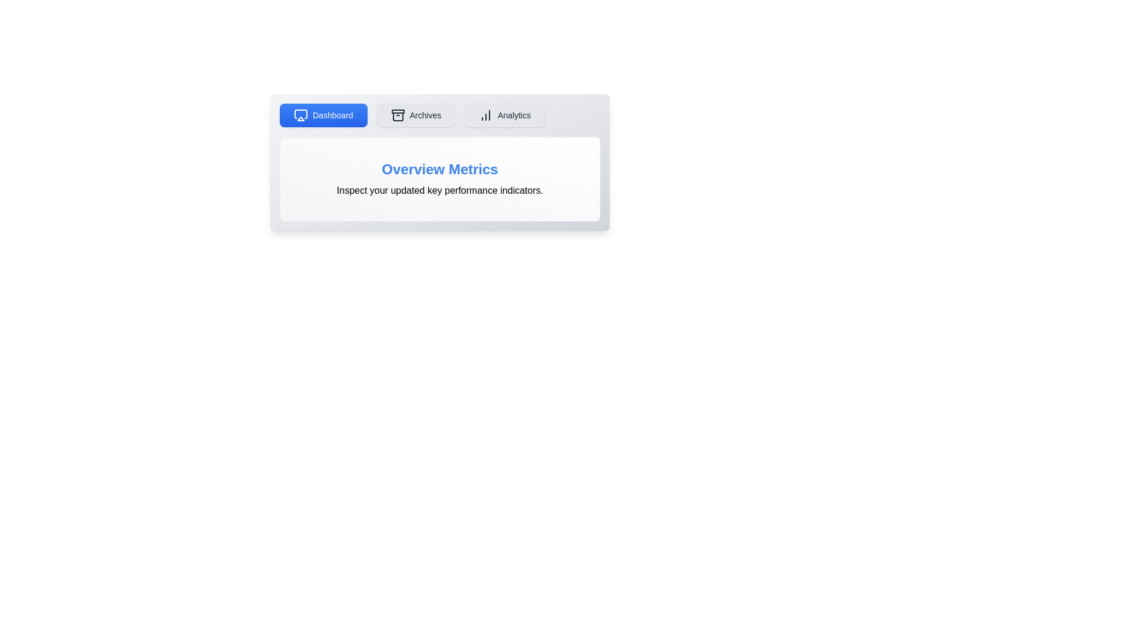 The image size is (1131, 636). I want to click on the button labeled Dashboard to observe its hover effect, so click(323, 115).